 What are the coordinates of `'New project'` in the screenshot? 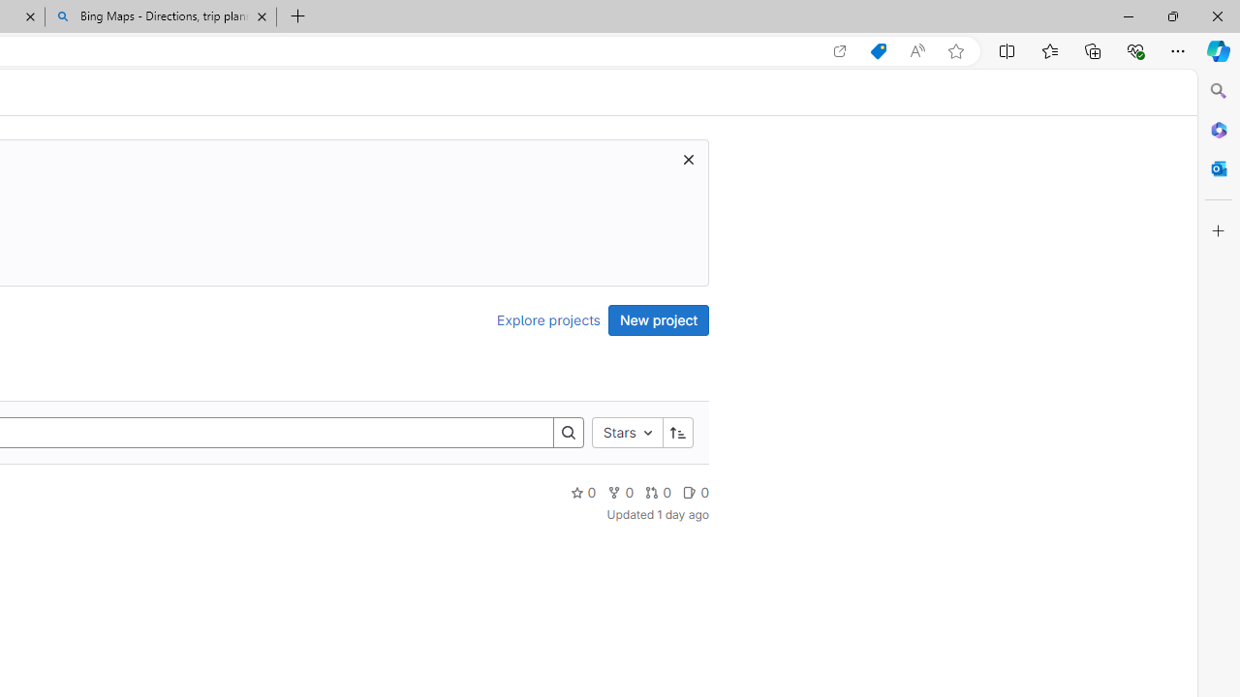 It's located at (659, 318).